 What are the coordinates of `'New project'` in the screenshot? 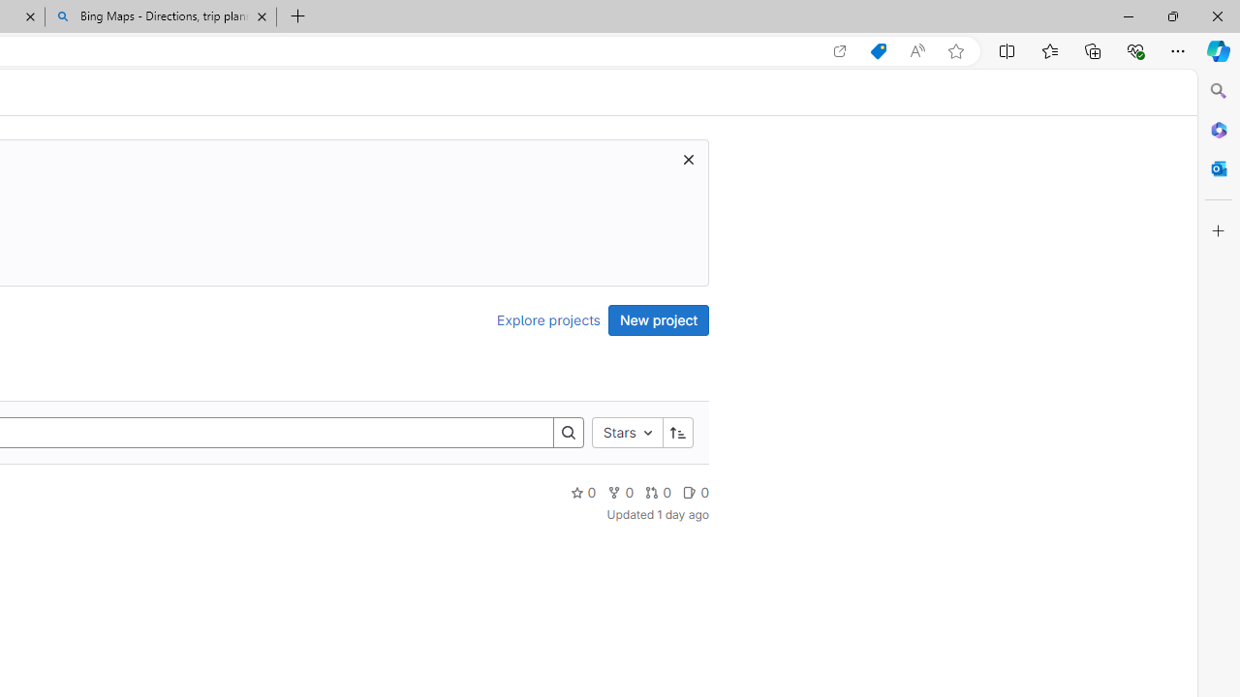 It's located at (659, 318).